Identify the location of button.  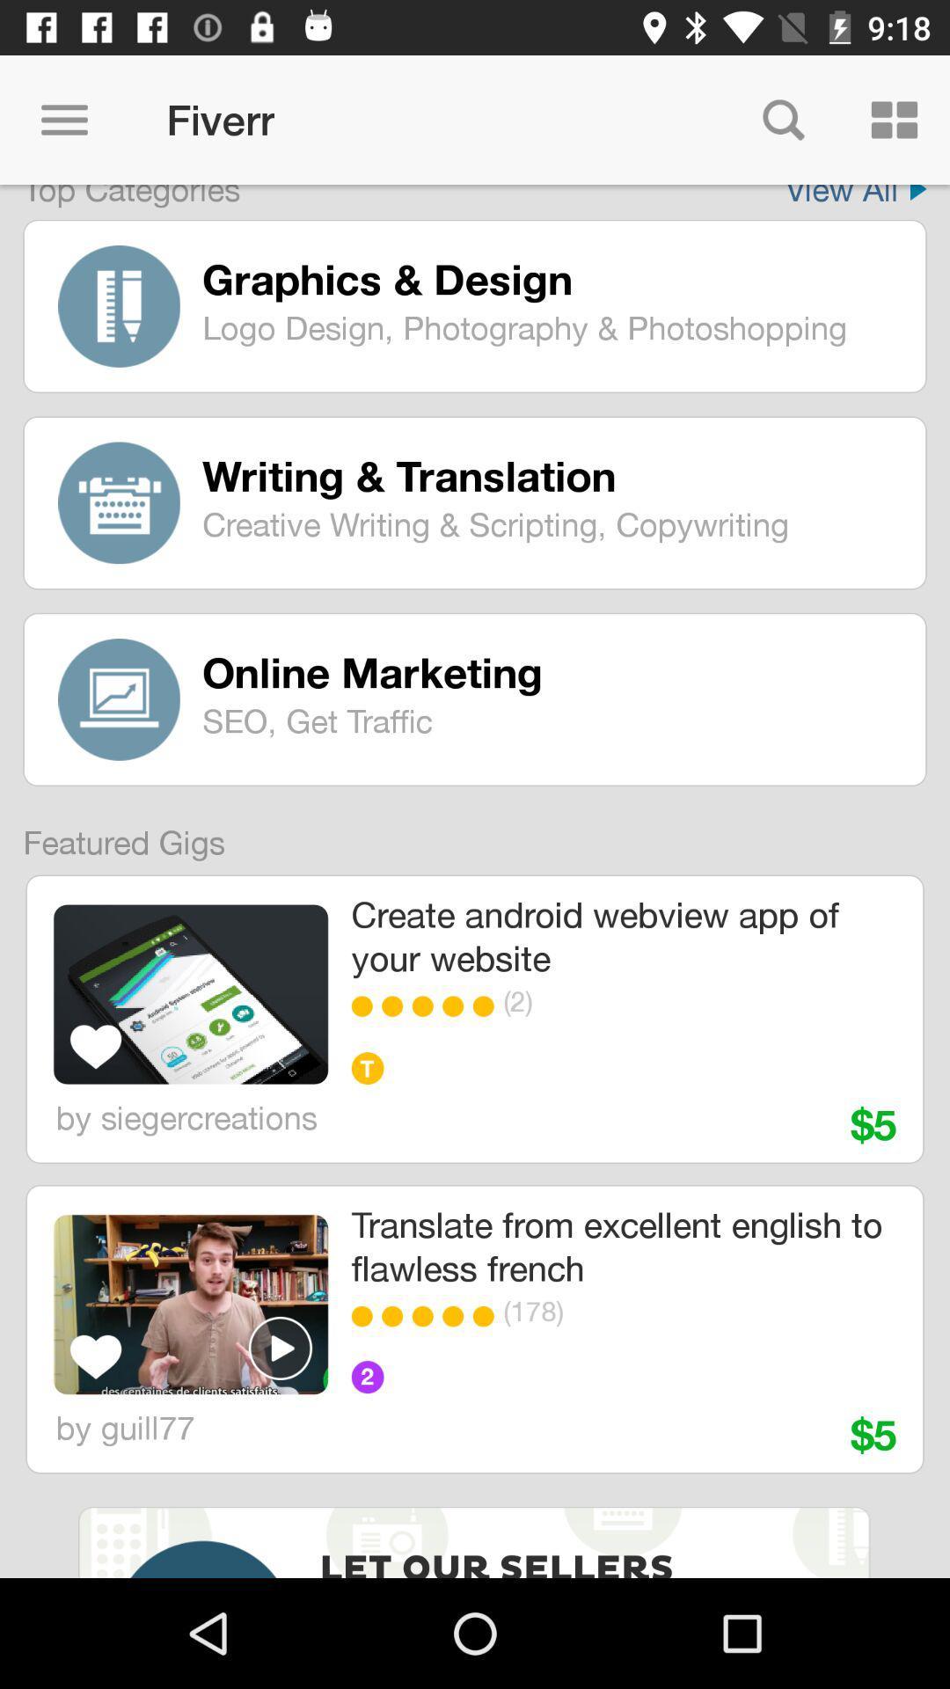
(280, 1347).